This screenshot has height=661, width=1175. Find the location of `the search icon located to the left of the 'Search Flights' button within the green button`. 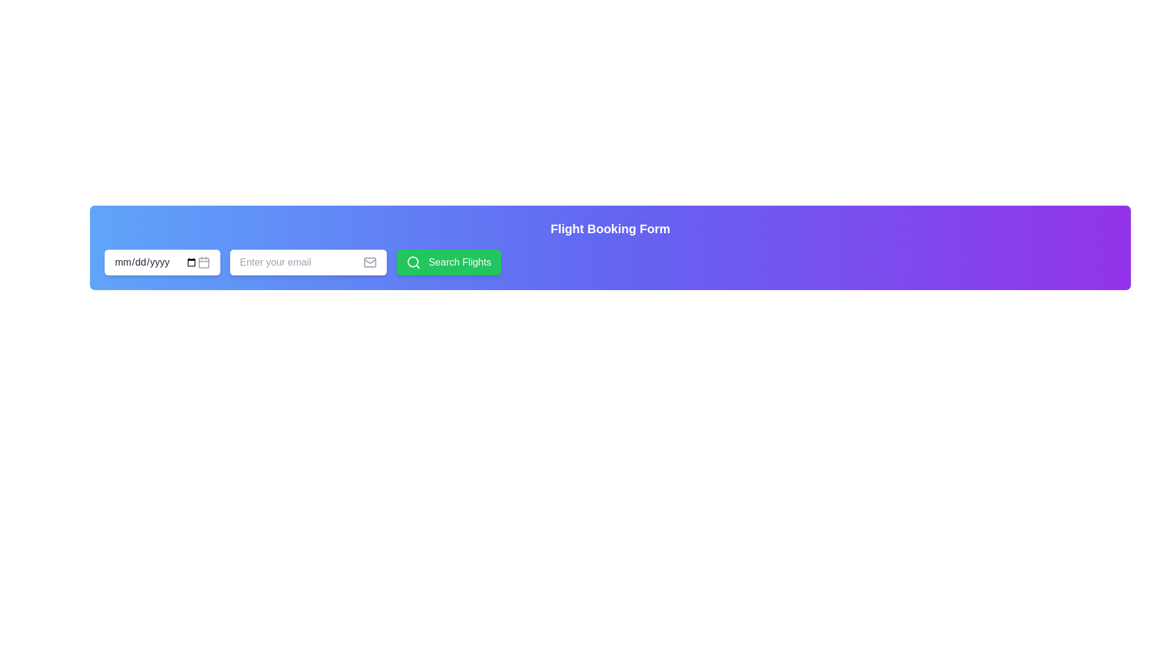

the search icon located to the left of the 'Search Flights' button within the green button is located at coordinates (414, 261).